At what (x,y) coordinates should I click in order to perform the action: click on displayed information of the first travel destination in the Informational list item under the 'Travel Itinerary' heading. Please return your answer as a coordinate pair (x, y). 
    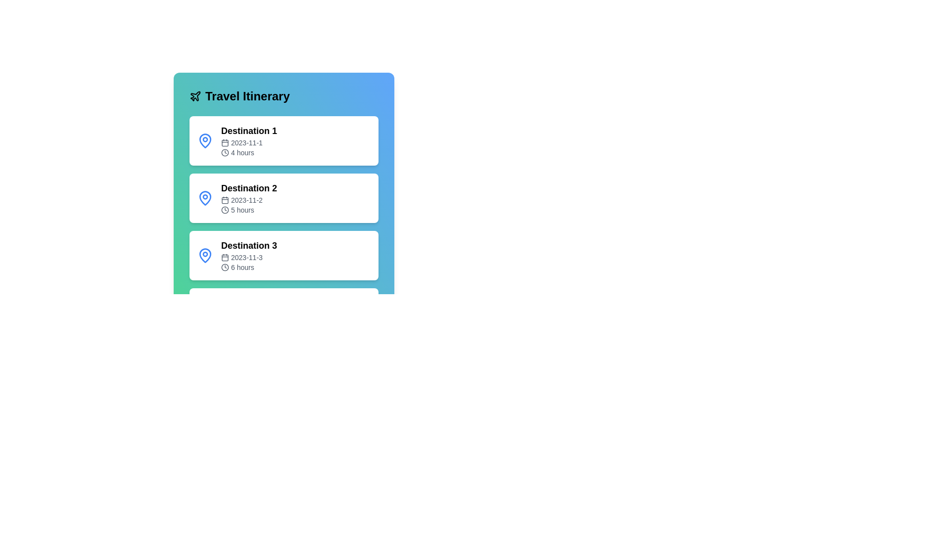
    Looking at the image, I should click on (249, 141).